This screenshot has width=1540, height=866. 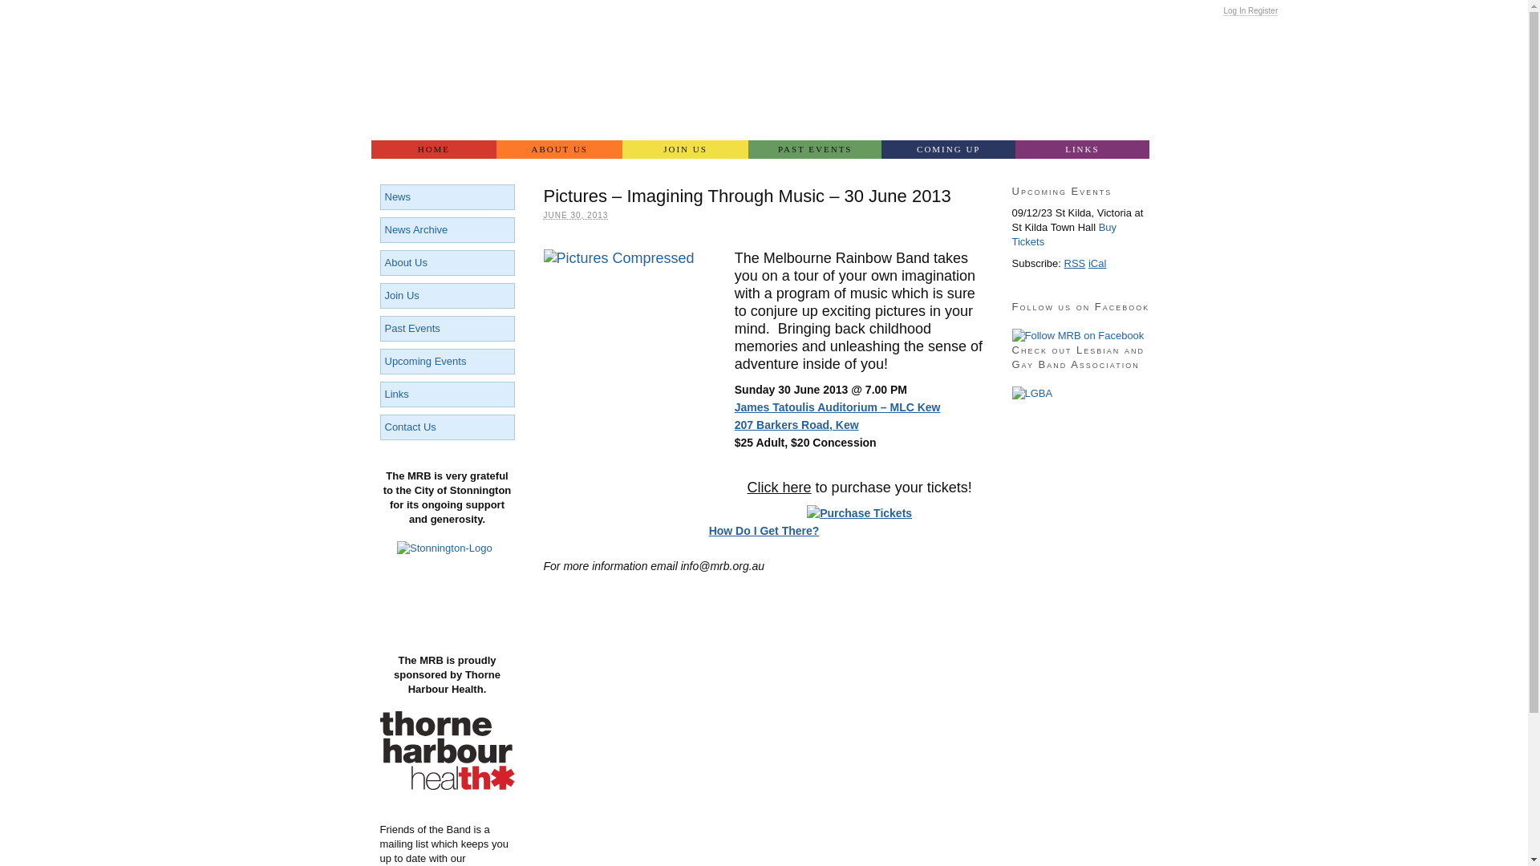 I want to click on 'COMING UP', so click(x=948, y=149).